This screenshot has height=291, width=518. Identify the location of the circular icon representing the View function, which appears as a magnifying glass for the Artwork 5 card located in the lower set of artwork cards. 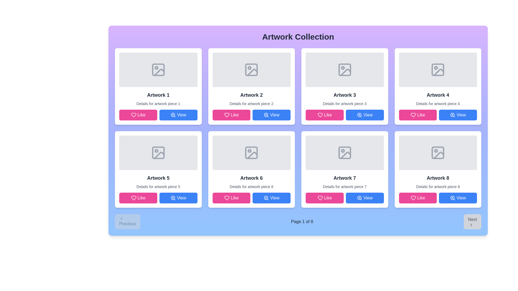
(173, 198).